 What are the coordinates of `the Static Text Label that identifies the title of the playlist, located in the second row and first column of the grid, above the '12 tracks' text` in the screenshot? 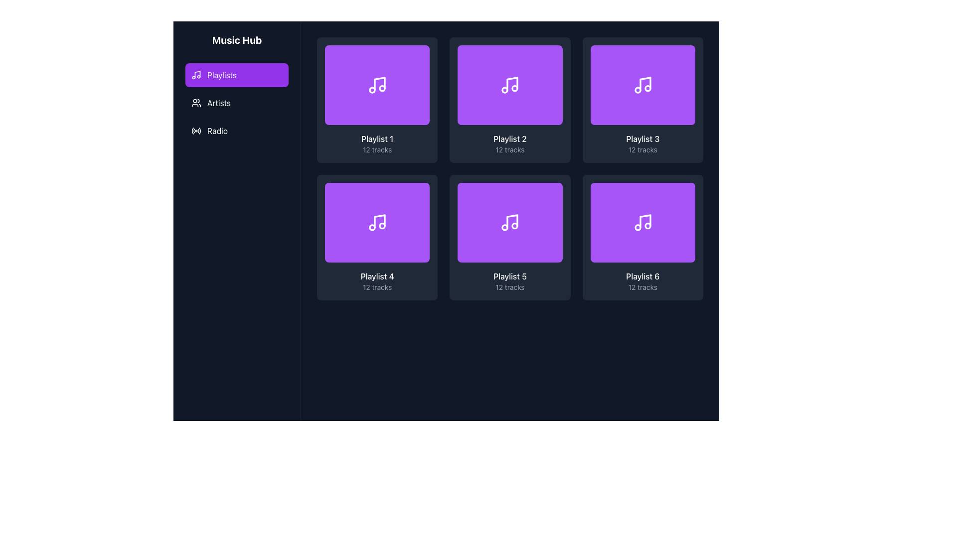 It's located at (377, 276).